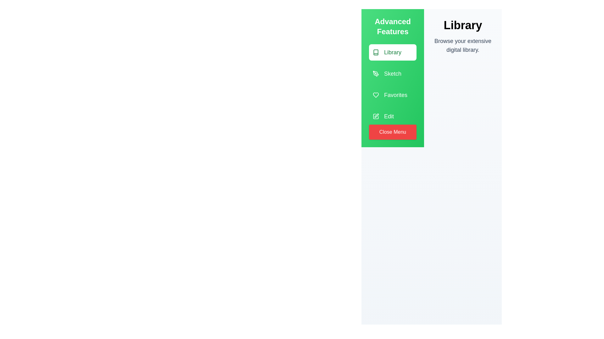 Image resolution: width=604 pixels, height=339 pixels. Describe the element at coordinates (392, 52) in the screenshot. I see `the menu item 'Library' by clicking on it` at that location.